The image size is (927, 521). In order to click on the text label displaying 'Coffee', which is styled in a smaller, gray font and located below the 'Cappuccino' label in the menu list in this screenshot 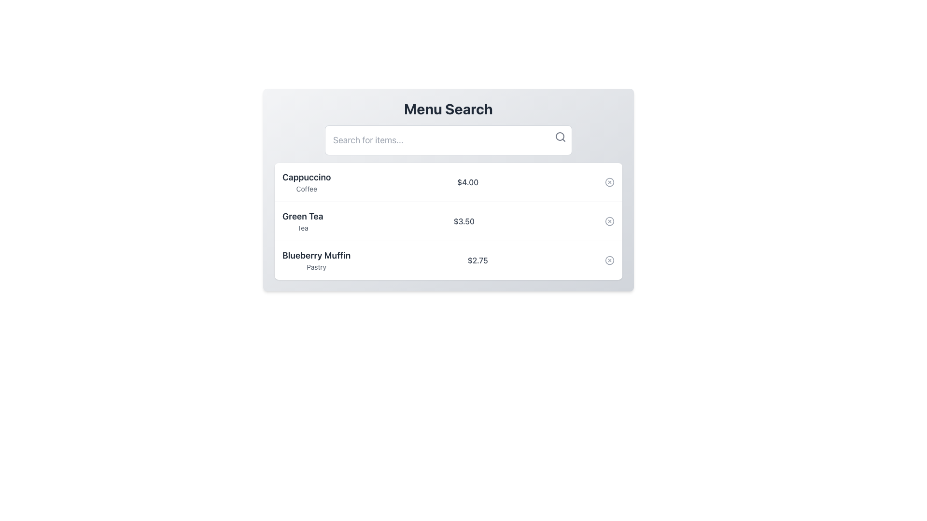, I will do `click(306, 189)`.